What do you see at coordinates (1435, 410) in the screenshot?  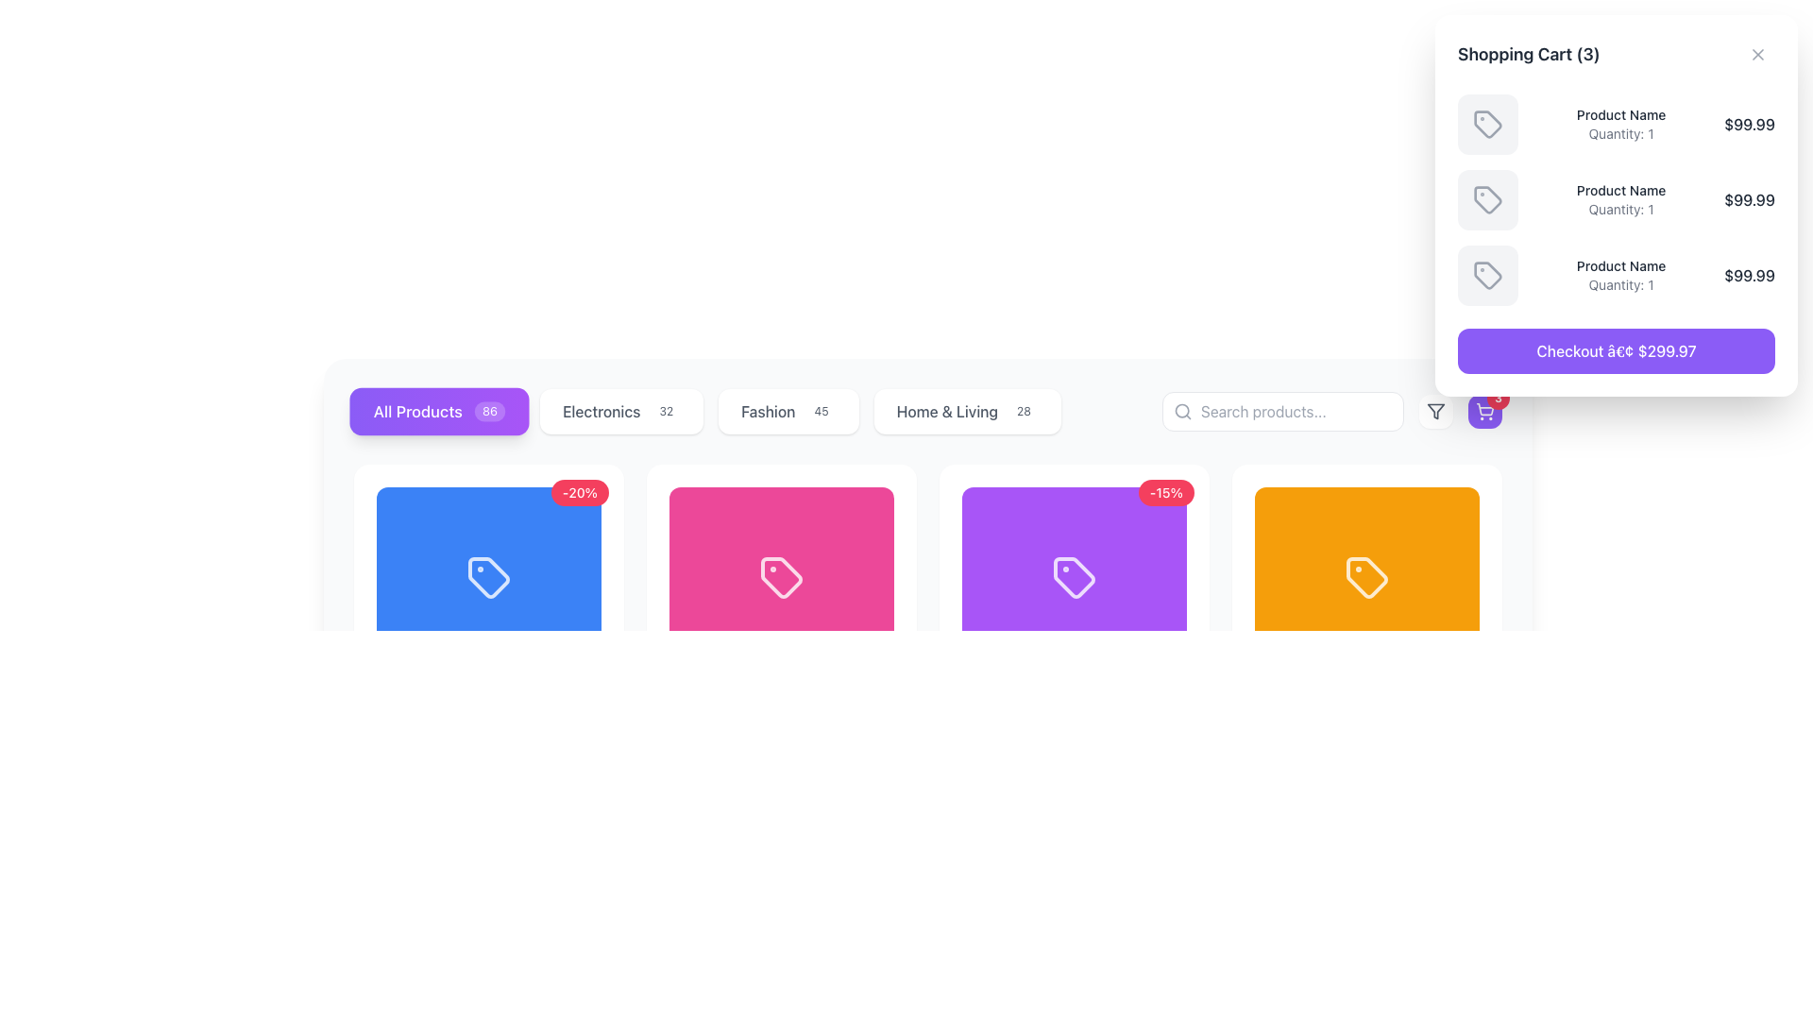 I see `the filter button located between the search icon and the shopping cart icon` at bounding box center [1435, 410].